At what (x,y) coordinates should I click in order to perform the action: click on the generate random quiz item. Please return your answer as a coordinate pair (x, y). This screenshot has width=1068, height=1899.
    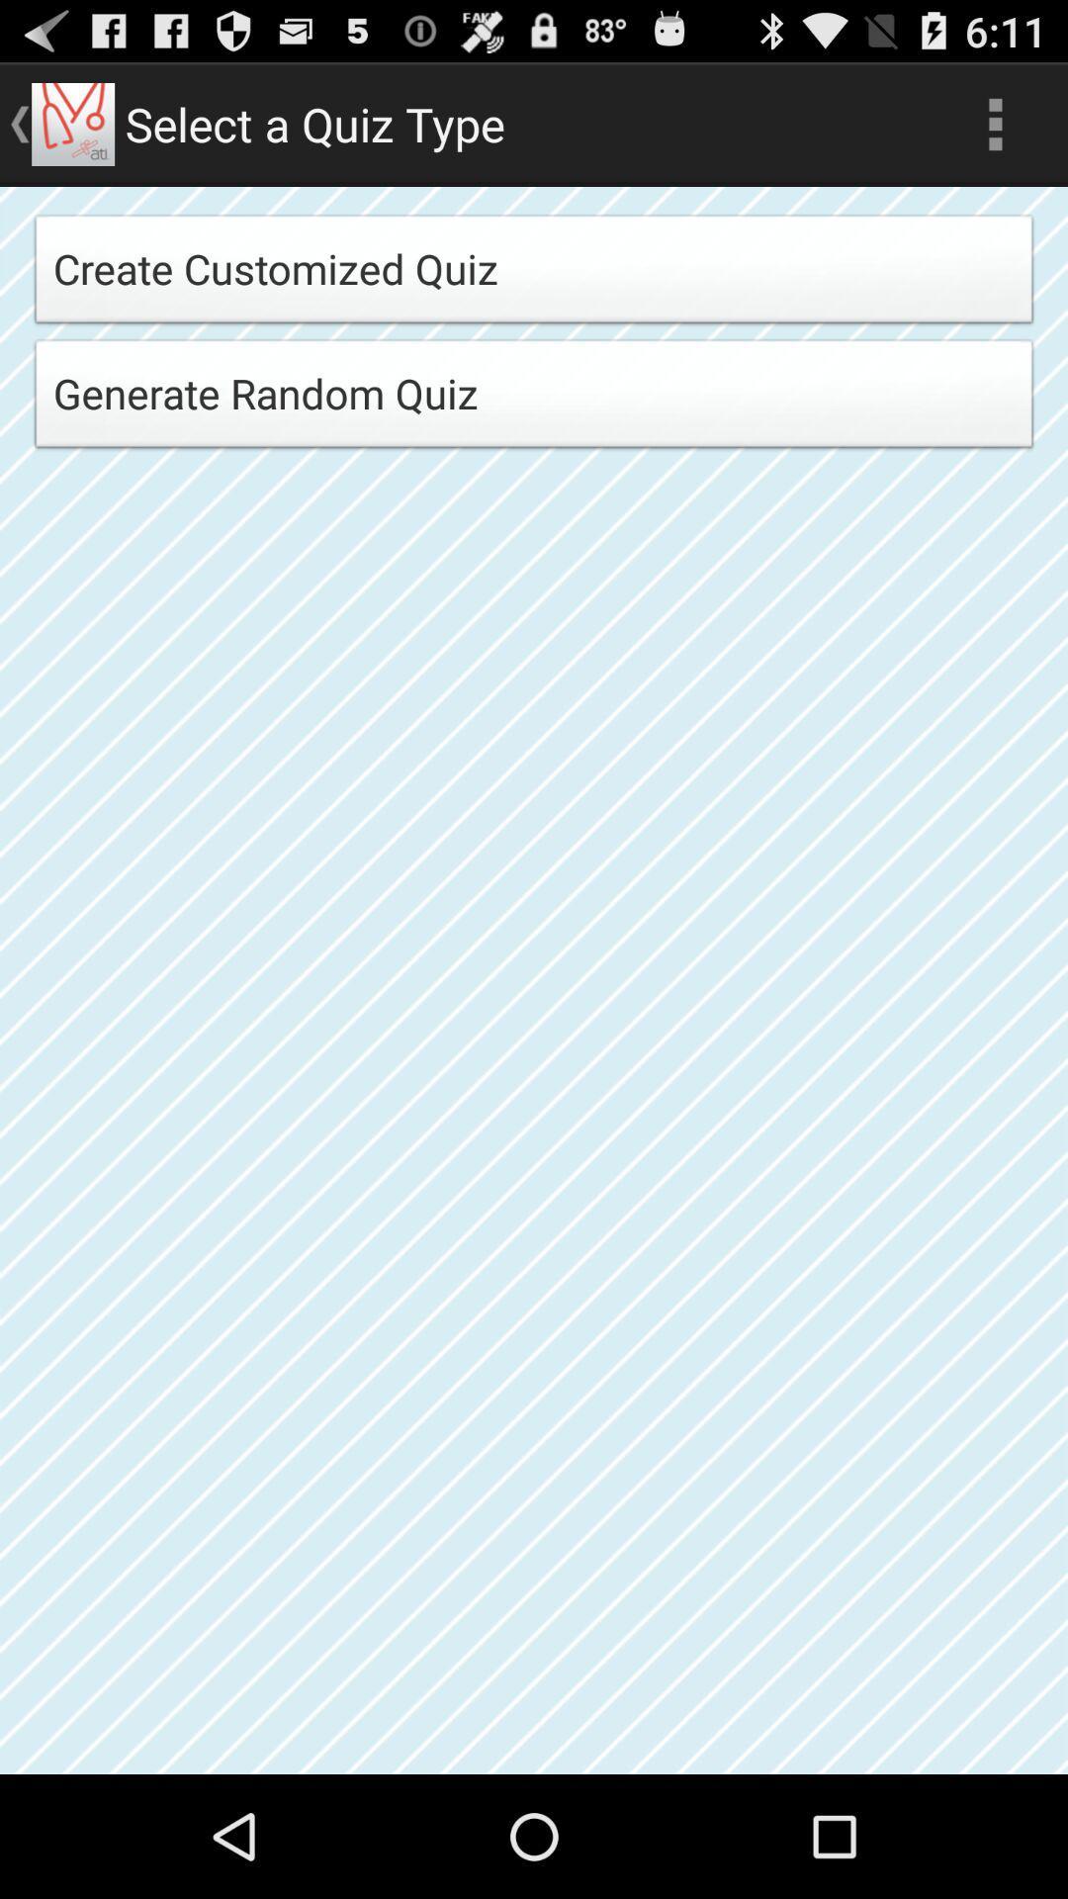
    Looking at the image, I should click on (534, 399).